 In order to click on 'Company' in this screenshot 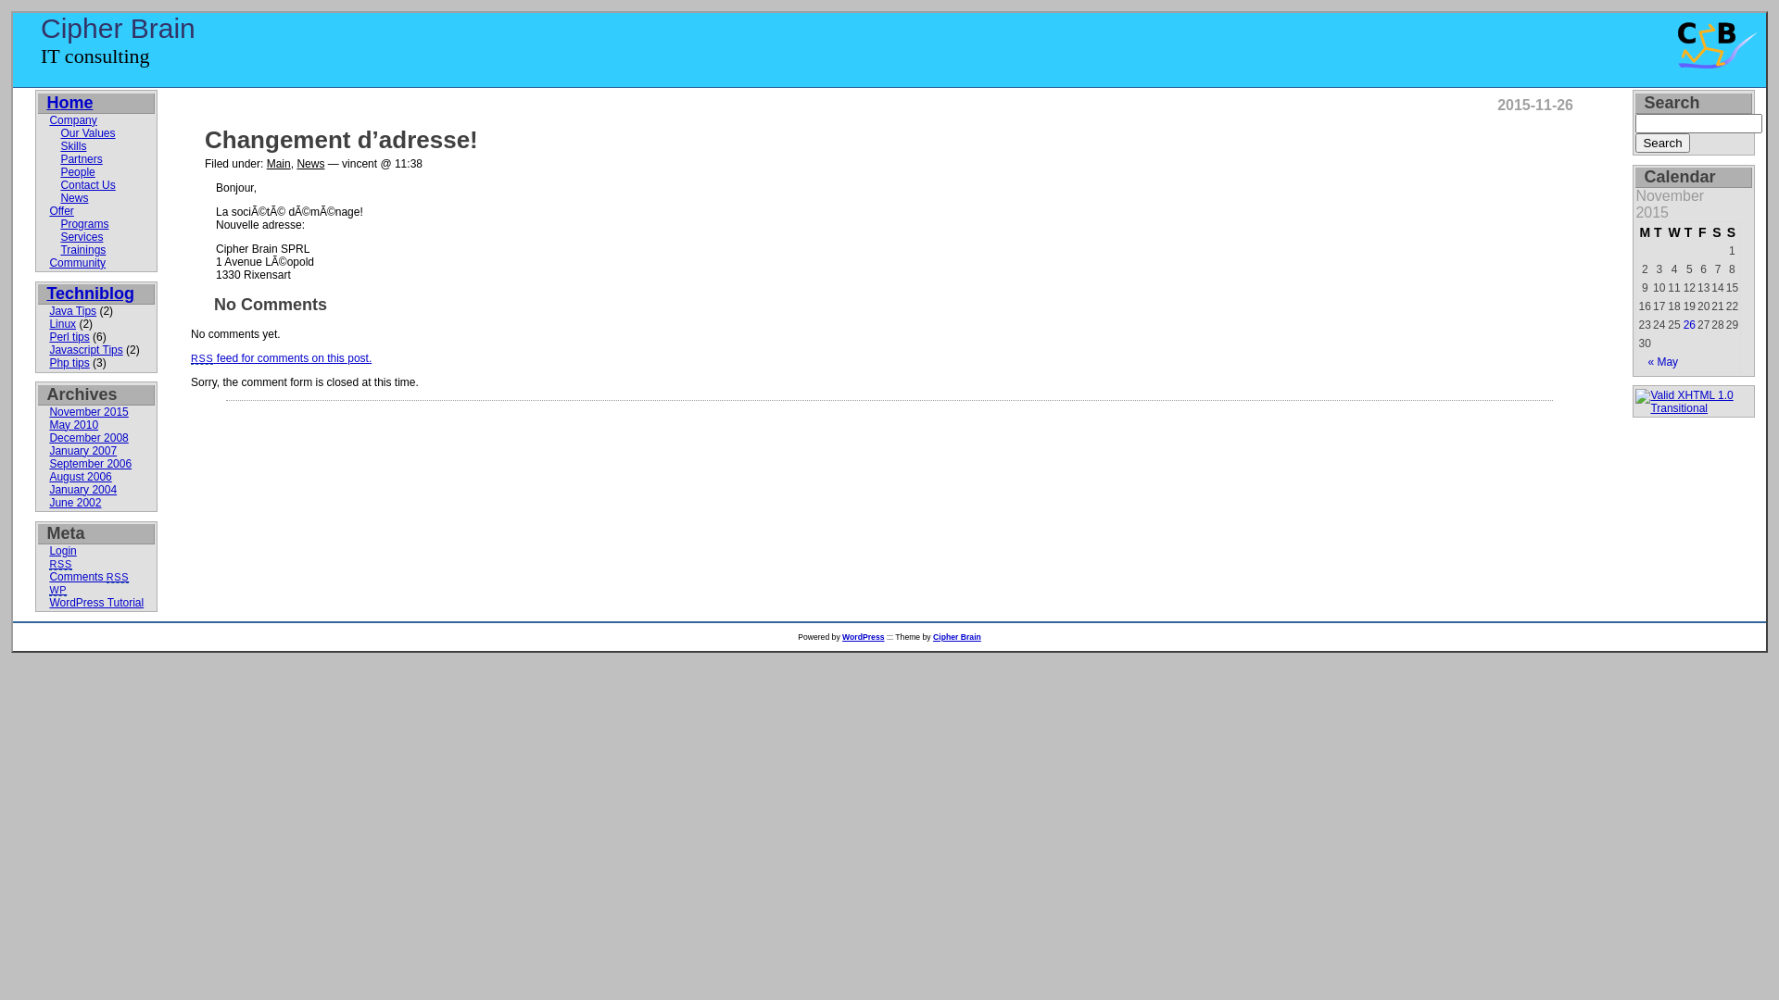, I will do `click(48, 120)`.